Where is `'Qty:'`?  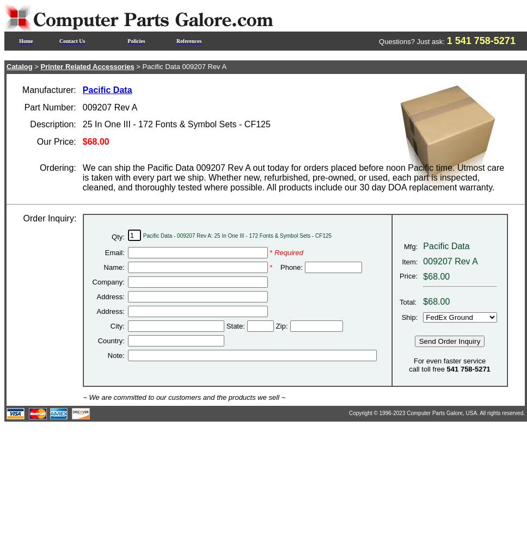
'Qty:' is located at coordinates (111, 236).